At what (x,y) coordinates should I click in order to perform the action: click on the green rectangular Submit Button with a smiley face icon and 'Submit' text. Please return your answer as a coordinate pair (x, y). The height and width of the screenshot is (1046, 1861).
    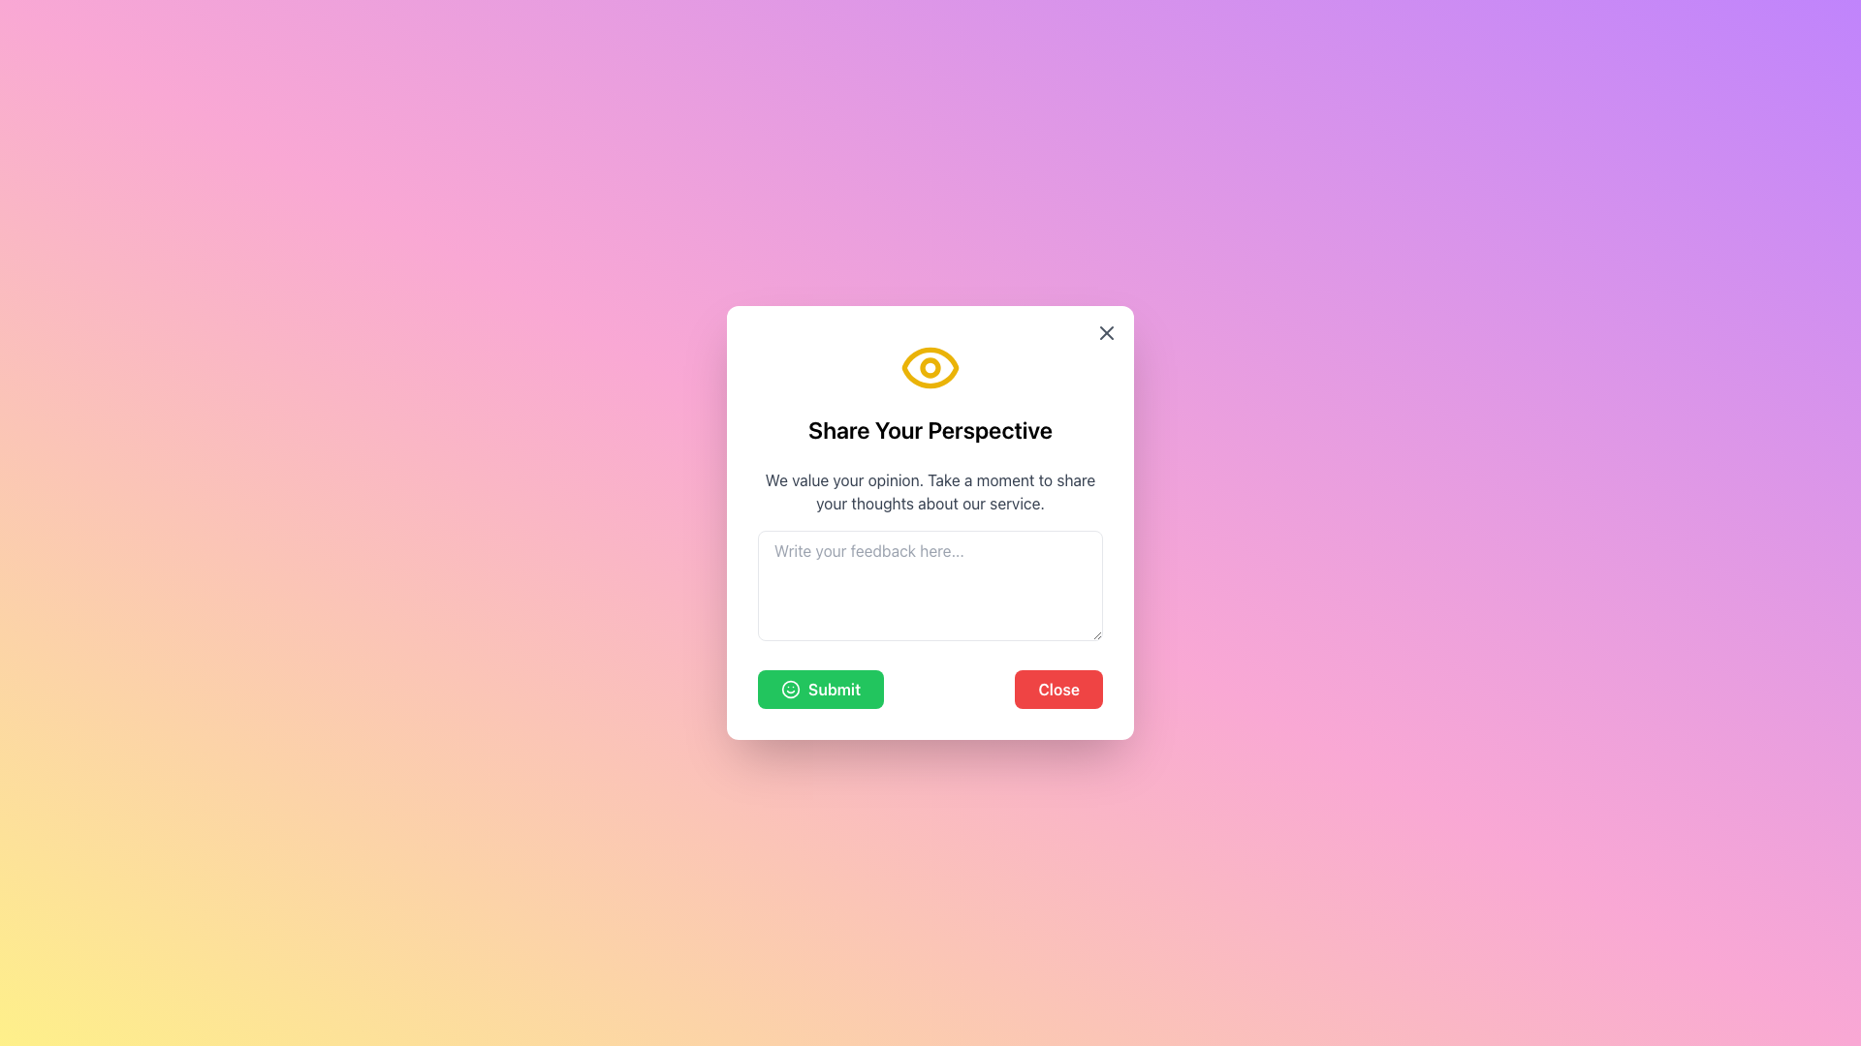
    Looking at the image, I should click on (814, 693).